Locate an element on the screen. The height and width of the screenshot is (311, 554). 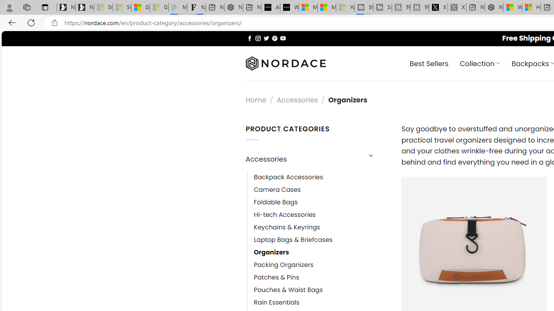
'Newsletter Sign Up' is located at coordinates (85, 7).